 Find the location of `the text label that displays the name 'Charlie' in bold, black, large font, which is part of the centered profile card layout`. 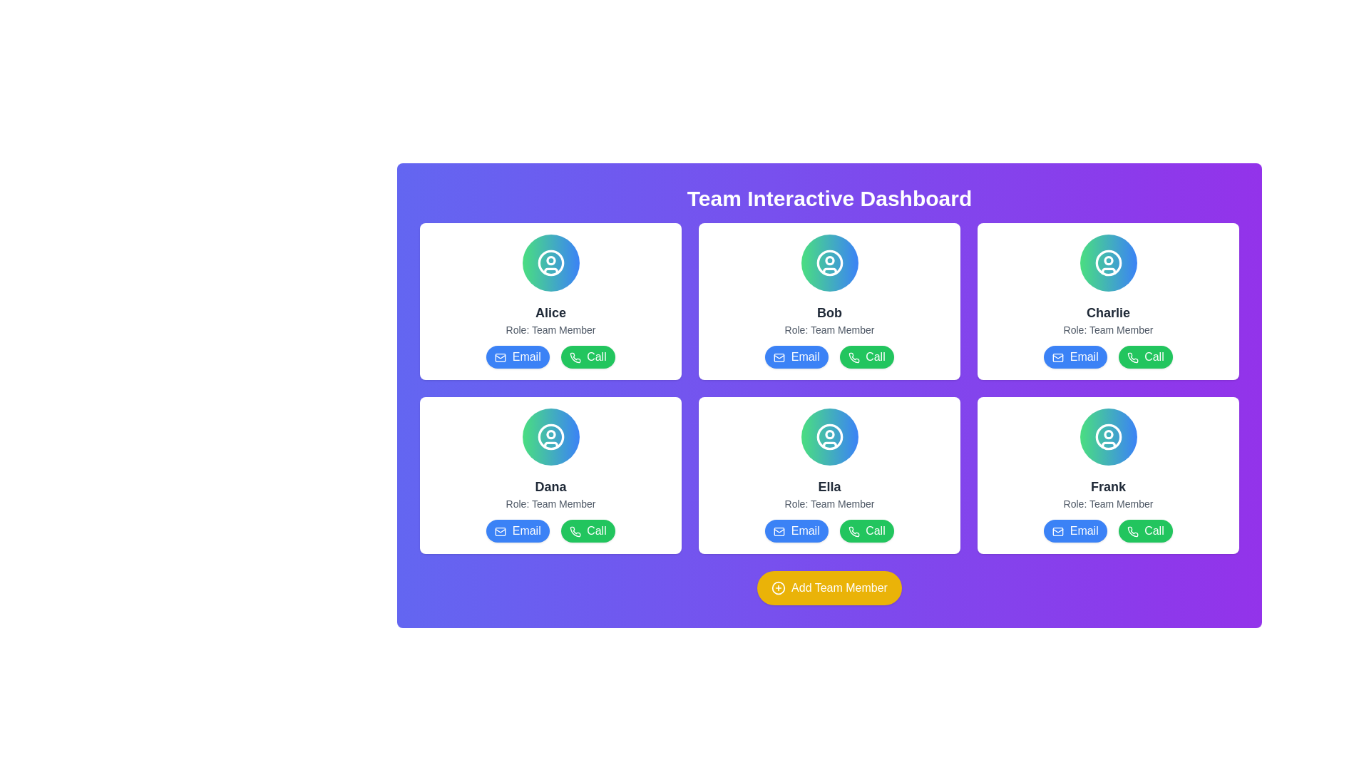

the text label that displays the name 'Charlie' in bold, black, large font, which is part of the centered profile card layout is located at coordinates (1107, 312).